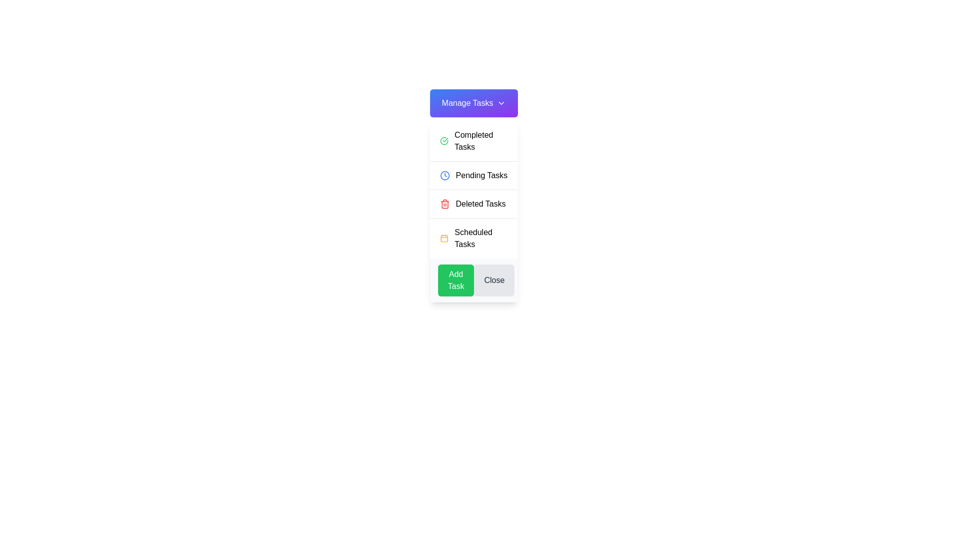 This screenshot has width=958, height=539. What do you see at coordinates (444, 141) in the screenshot?
I see `the completed task status icon located within the 'Completed Tasks' button, which is positioned to the left of the text label 'Completed Tasks' in the 'Manage Tasks' dropdown menu` at bounding box center [444, 141].